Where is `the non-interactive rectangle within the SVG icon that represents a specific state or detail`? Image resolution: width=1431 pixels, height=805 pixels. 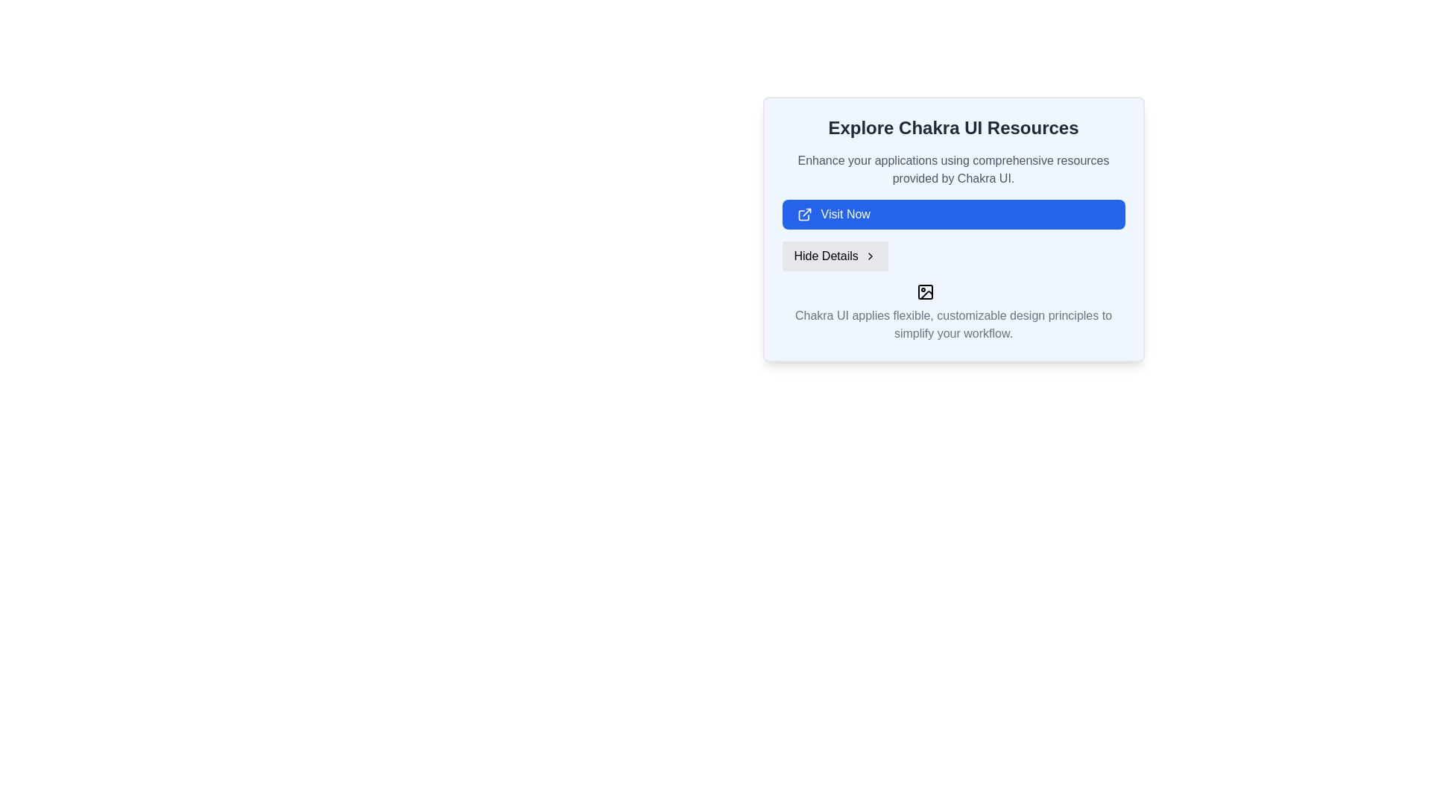 the non-interactive rectangle within the SVG icon that represents a specific state or detail is located at coordinates (924, 292).